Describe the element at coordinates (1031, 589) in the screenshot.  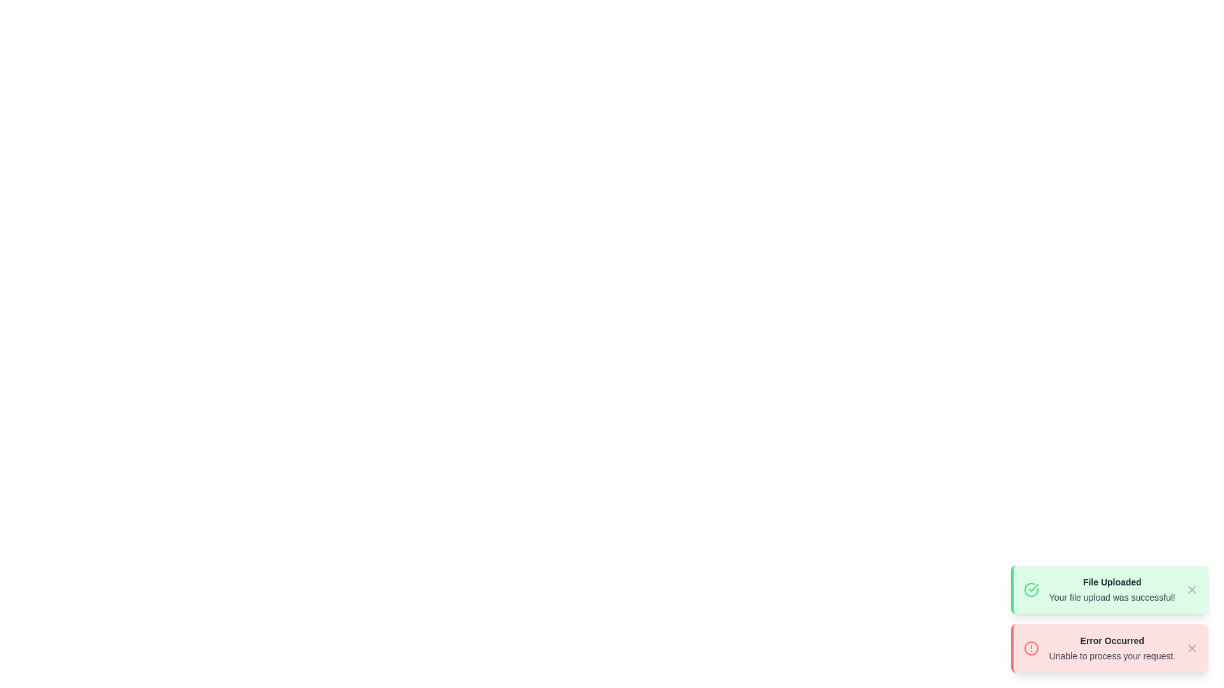
I see `the circular green icon with a check mark inside, located at the leftmost part of the notification panel for 'File Uploaded'` at that location.